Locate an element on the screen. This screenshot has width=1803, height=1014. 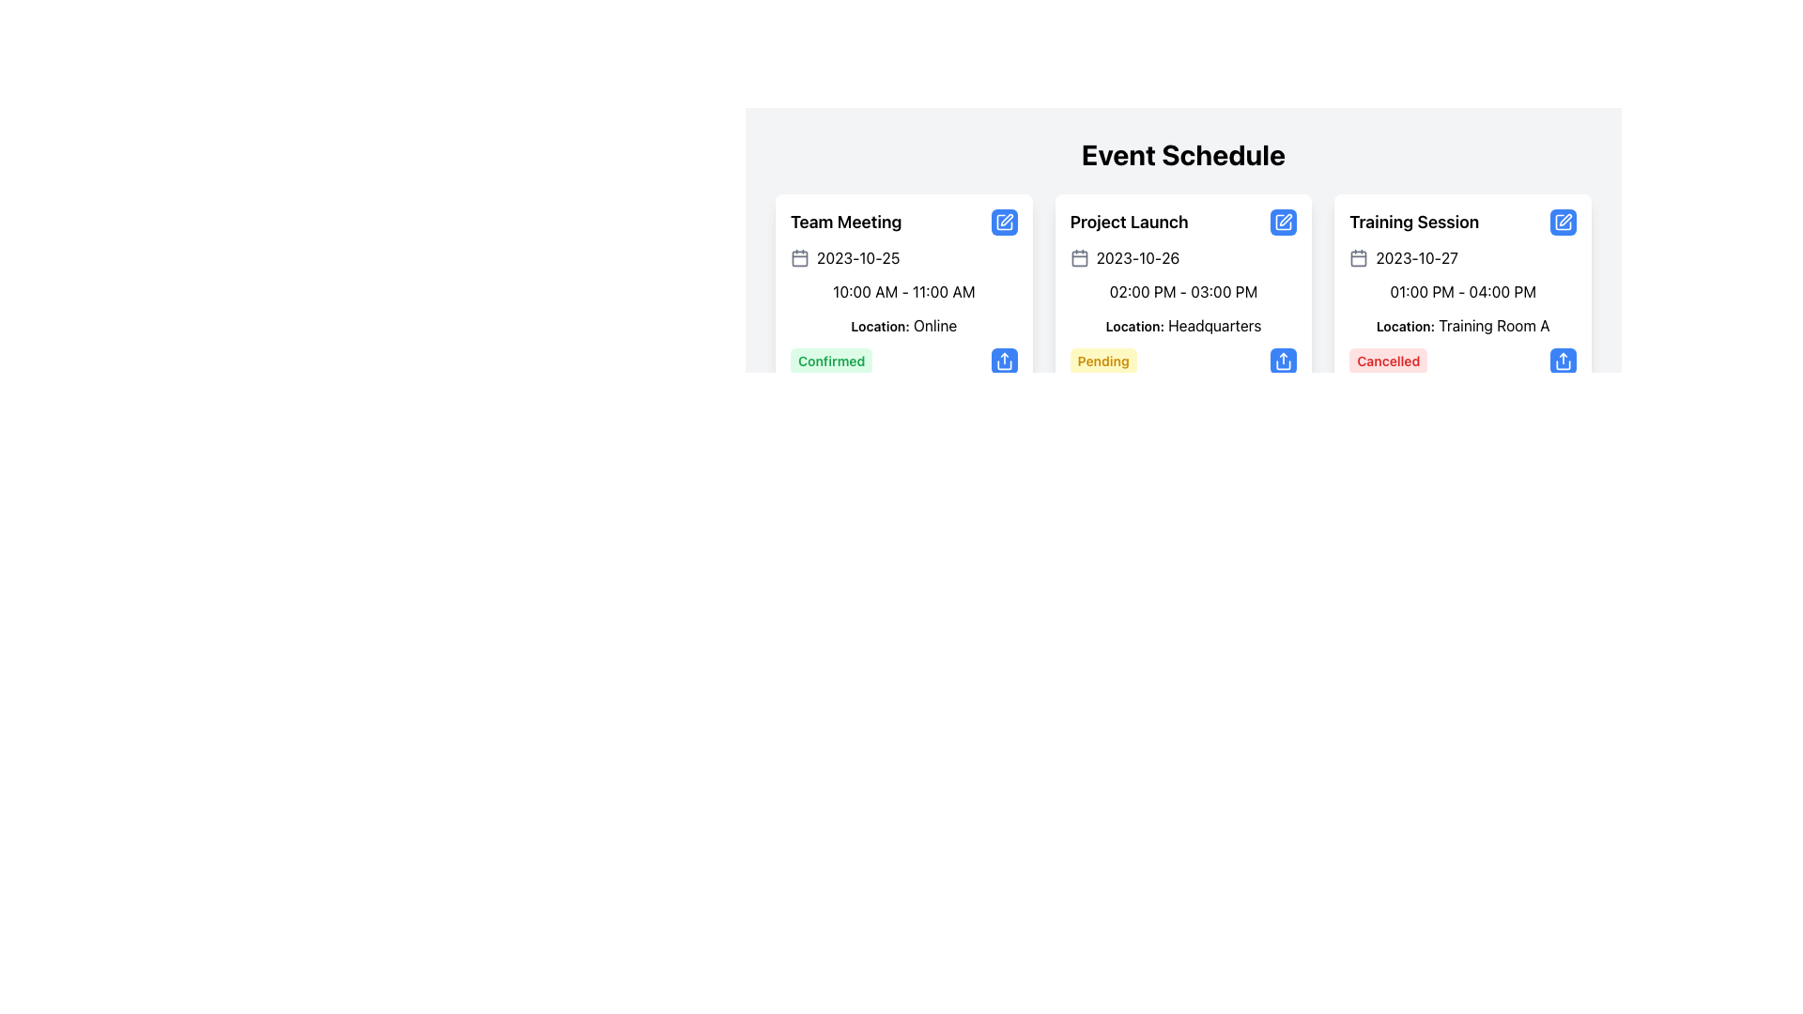
the 'Project Launch' text label, which is a bold, large black font heading in the upper-middle region of a card layout is located at coordinates (1128, 221).